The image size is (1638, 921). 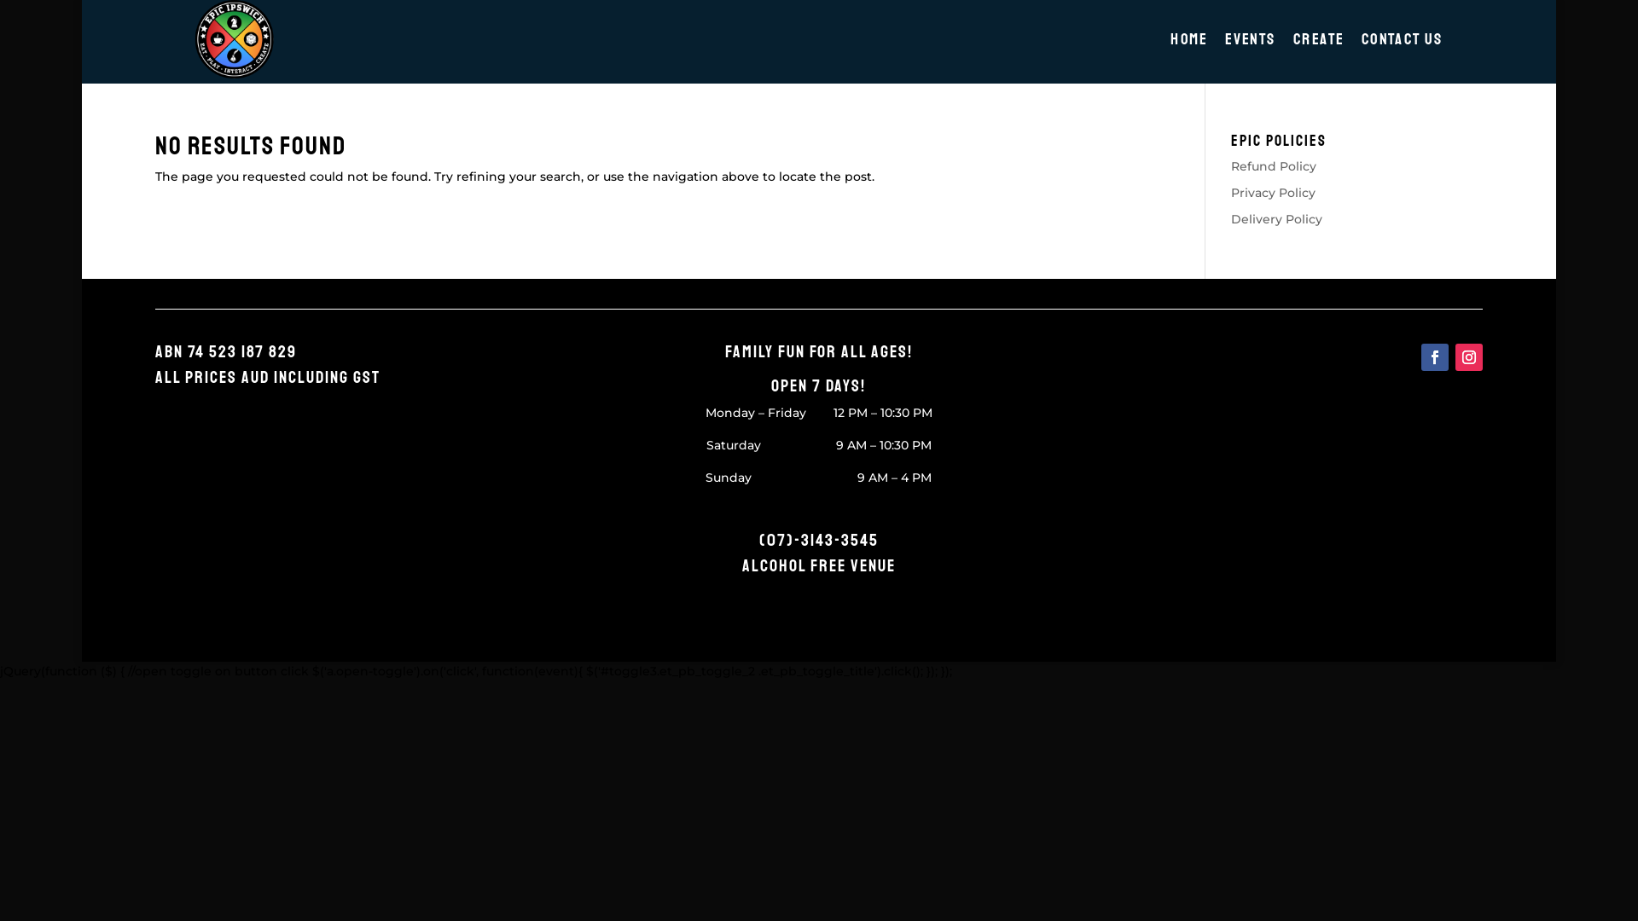 What do you see at coordinates (1404, 41) in the screenshot?
I see `'Contact Us'` at bounding box center [1404, 41].